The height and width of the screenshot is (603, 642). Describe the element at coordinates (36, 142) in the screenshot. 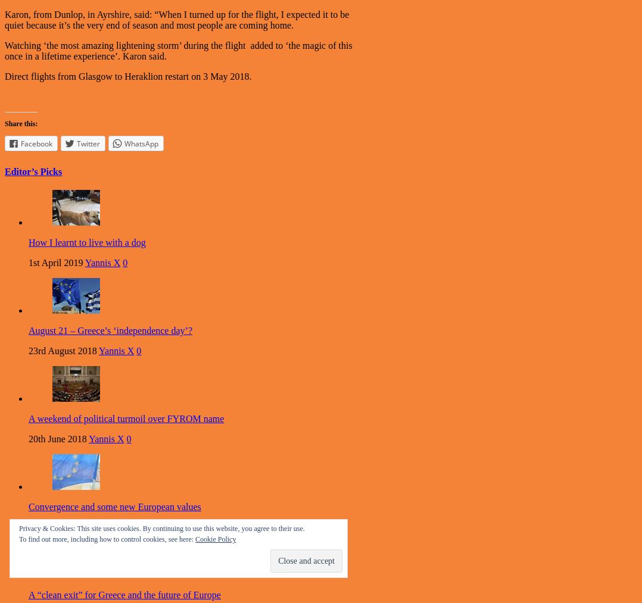

I see `'Facebook'` at that location.